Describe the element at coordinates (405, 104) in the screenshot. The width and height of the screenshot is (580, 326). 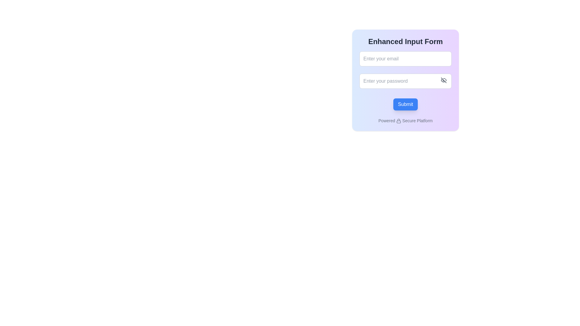
I see `the 'Submit' button with a blue background and white text` at that location.